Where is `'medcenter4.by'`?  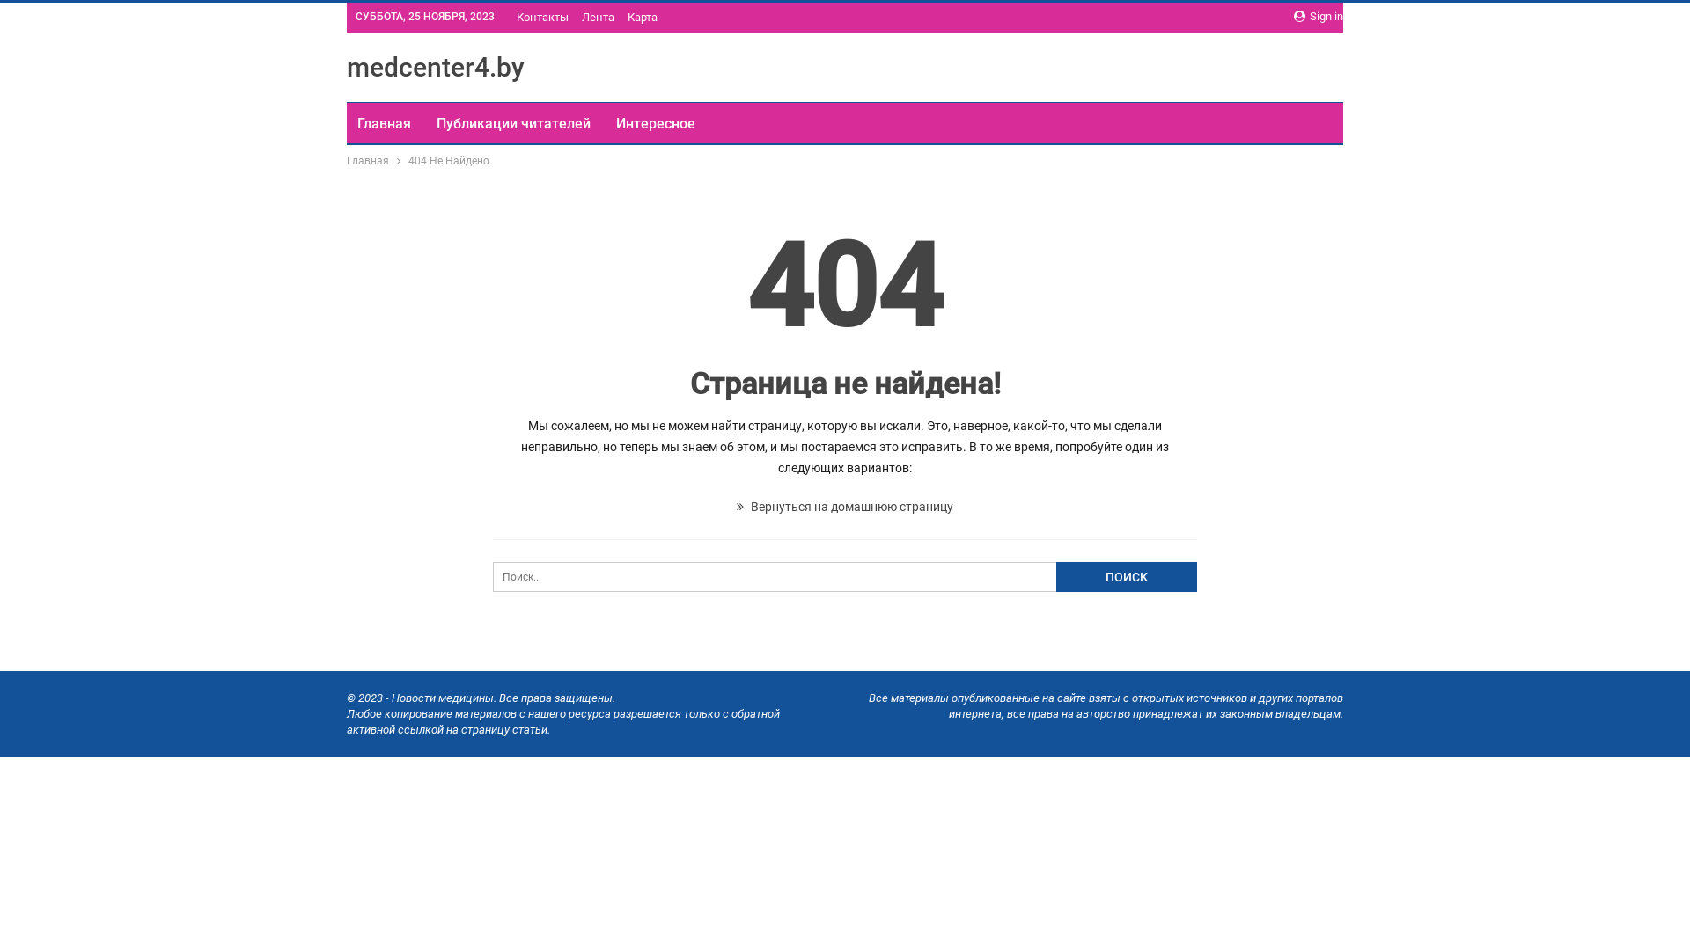
'medcenter4.by' is located at coordinates (346, 66).